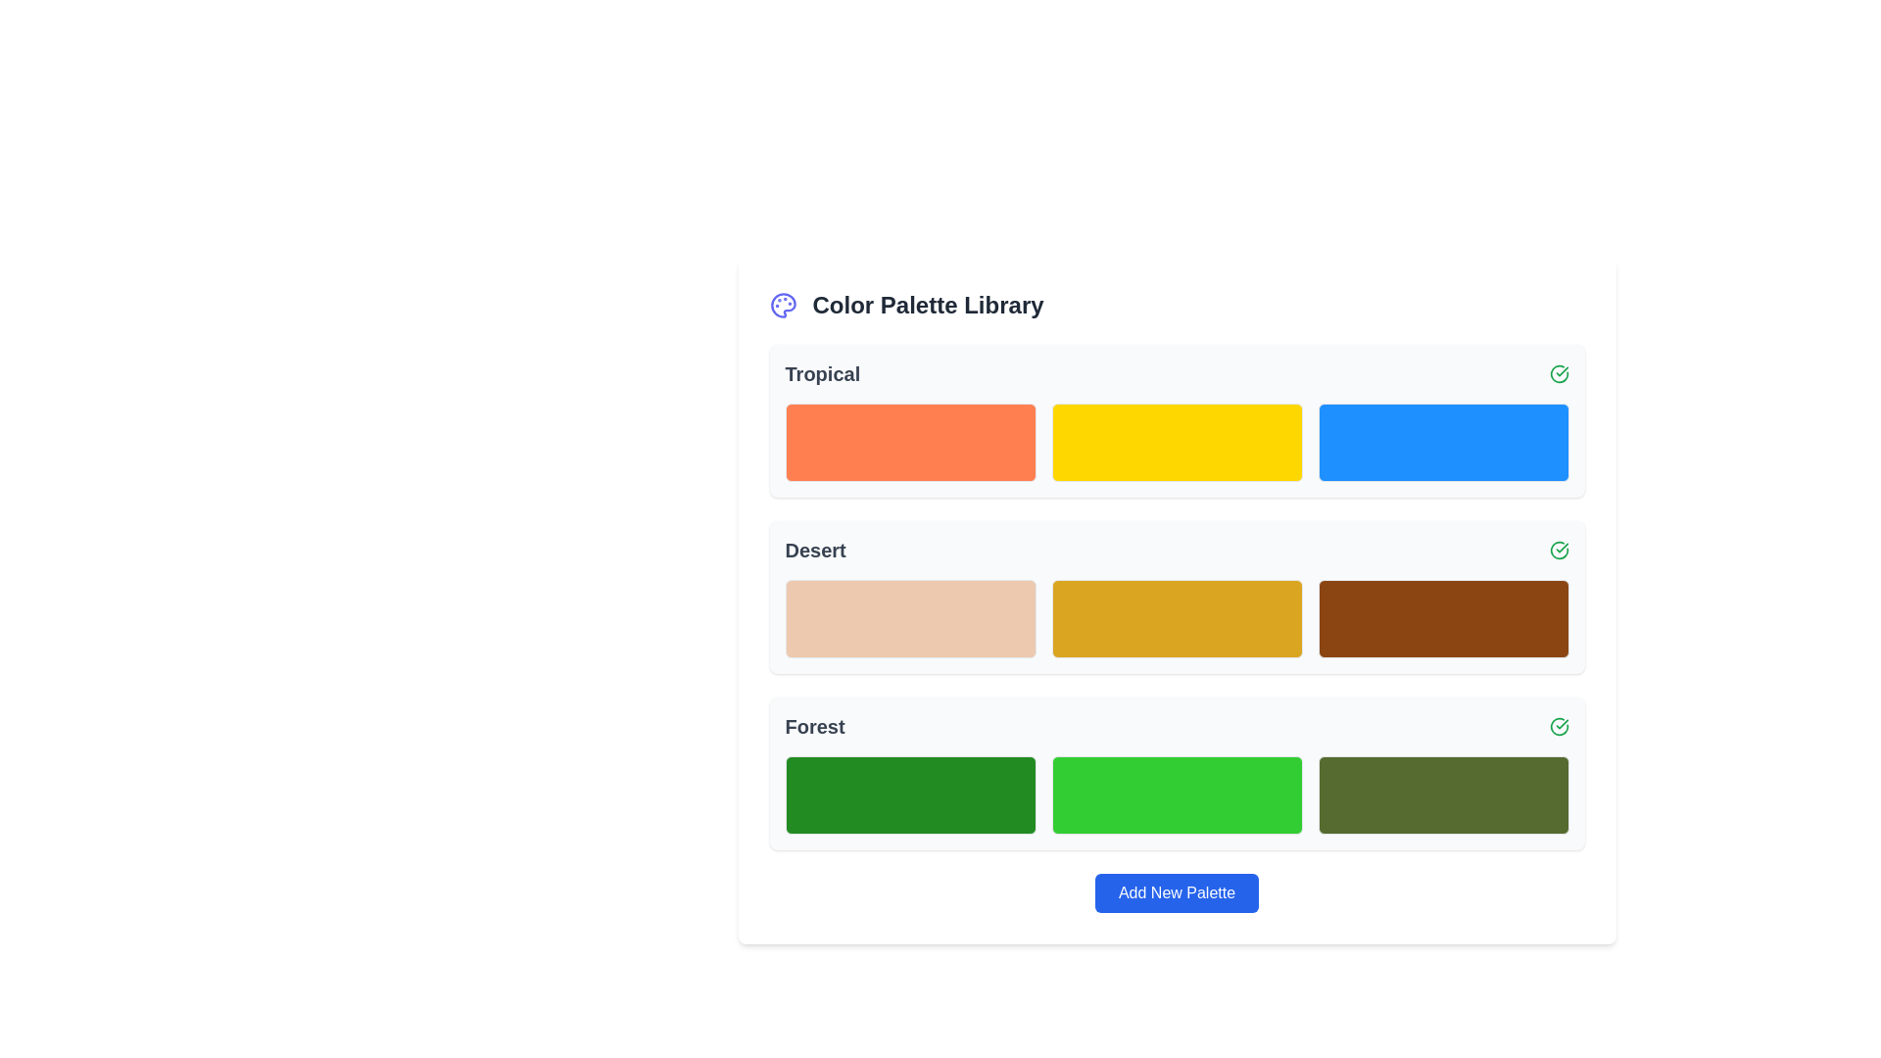 This screenshot has height=1058, width=1881. What do you see at coordinates (1558, 726) in the screenshot?
I see `the Status indicator icon that confirms the successful status of the 'Forest' entry, which is positioned to the far right side of the 'Forest' label` at bounding box center [1558, 726].